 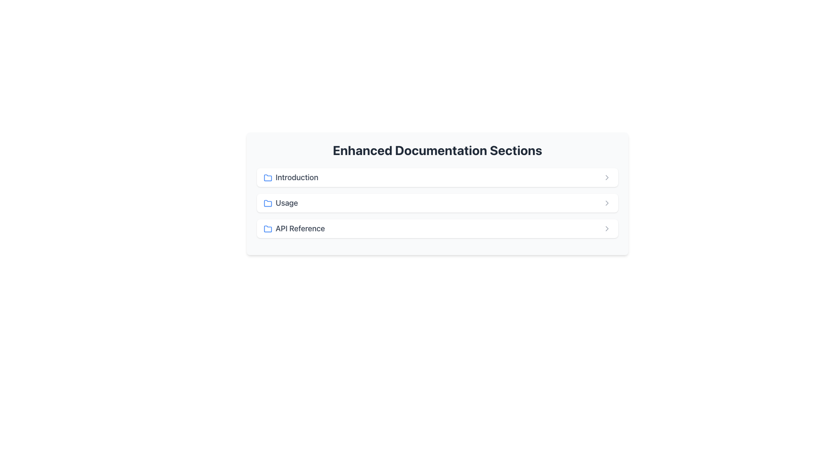 What do you see at coordinates (607, 177) in the screenshot?
I see `the right-facing chevron arrow icon, which is part of the navigational components and located to the right of the 'Introduction' list item` at bounding box center [607, 177].